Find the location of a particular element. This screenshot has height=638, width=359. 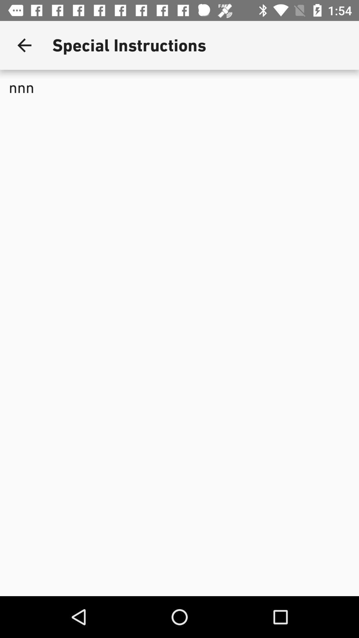

nnn item is located at coordinates (179, 134).